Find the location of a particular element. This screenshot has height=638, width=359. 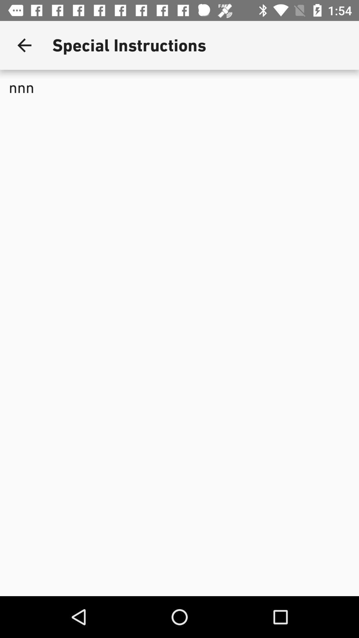

nnn item is located at coordinates (179, 134).